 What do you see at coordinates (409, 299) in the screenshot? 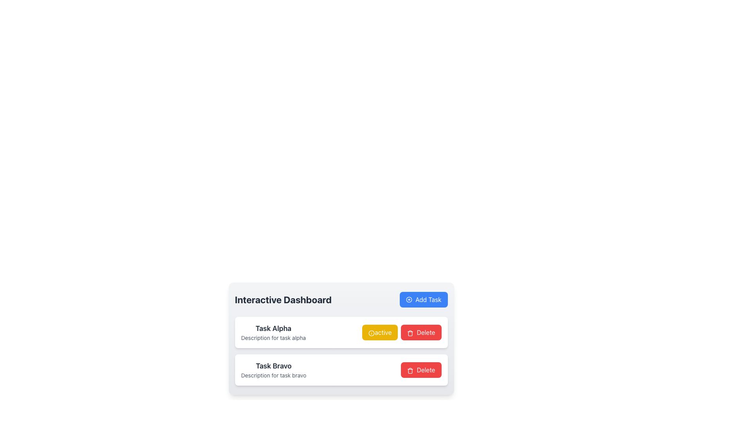
I see `the icon located inside the 'Add Task' button, which is positioned to the left of the text 'Add Task' in the top-right corner of the main content section` at bounding box center [409, 299].